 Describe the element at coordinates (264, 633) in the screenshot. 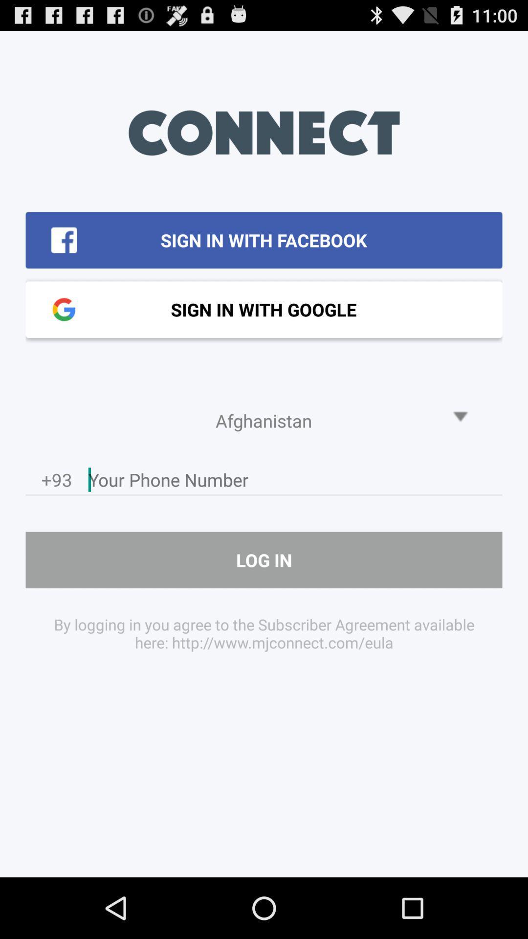

I see `the by logging in item` at that location.